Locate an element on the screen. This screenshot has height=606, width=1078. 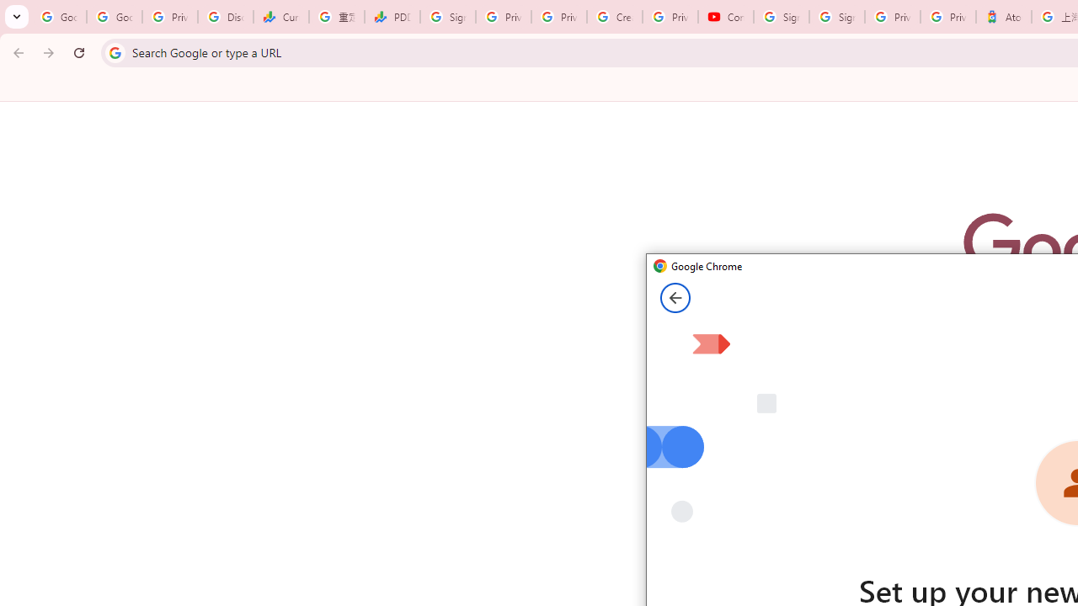
'Currencies - Google Finance' is located at coordinates (281, 17).